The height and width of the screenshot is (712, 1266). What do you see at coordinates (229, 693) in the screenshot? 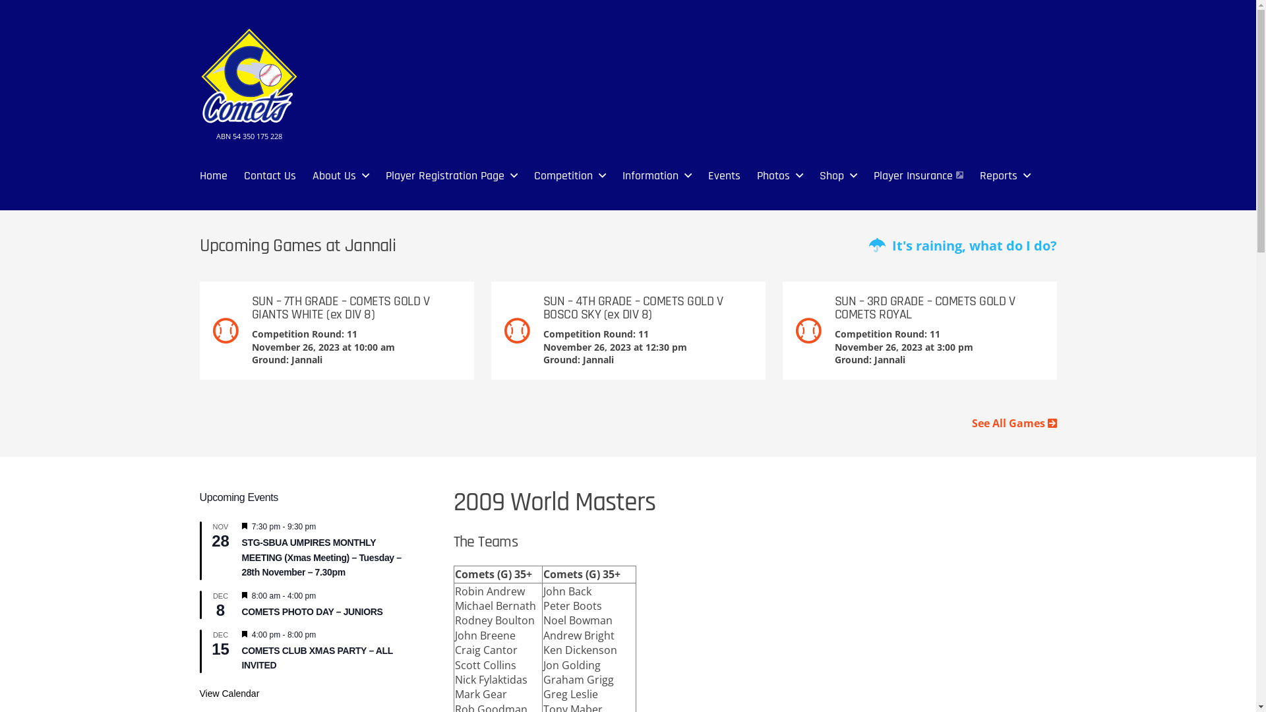
I see `'View Calendar'` at bounding box center [229, 693].